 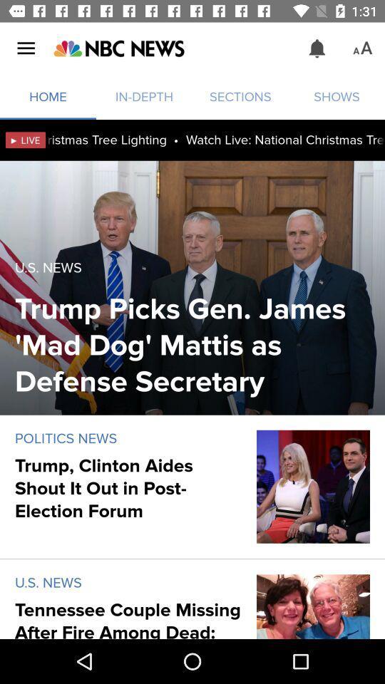 What do you see at coordinates (118, 48) in the screenshot?
I see `the icon next to sections item` at bounding box center [118, 48].